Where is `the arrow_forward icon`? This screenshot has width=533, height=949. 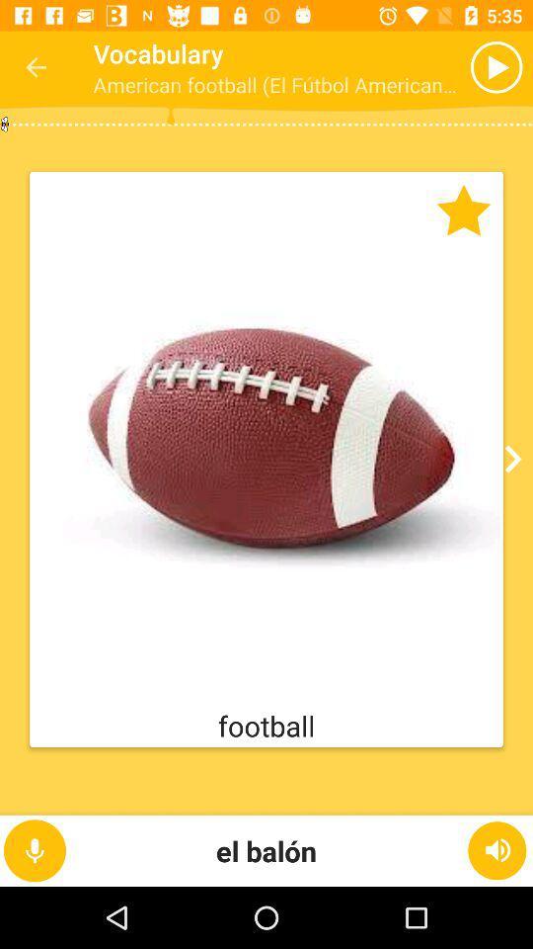
the arrow_forward icon is located at coordinates (509, 459).